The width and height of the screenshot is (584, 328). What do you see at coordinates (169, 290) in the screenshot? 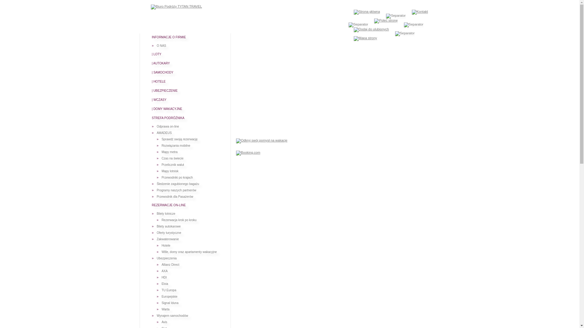
I see `'TU Europa'` at bounding box center [169, 290].